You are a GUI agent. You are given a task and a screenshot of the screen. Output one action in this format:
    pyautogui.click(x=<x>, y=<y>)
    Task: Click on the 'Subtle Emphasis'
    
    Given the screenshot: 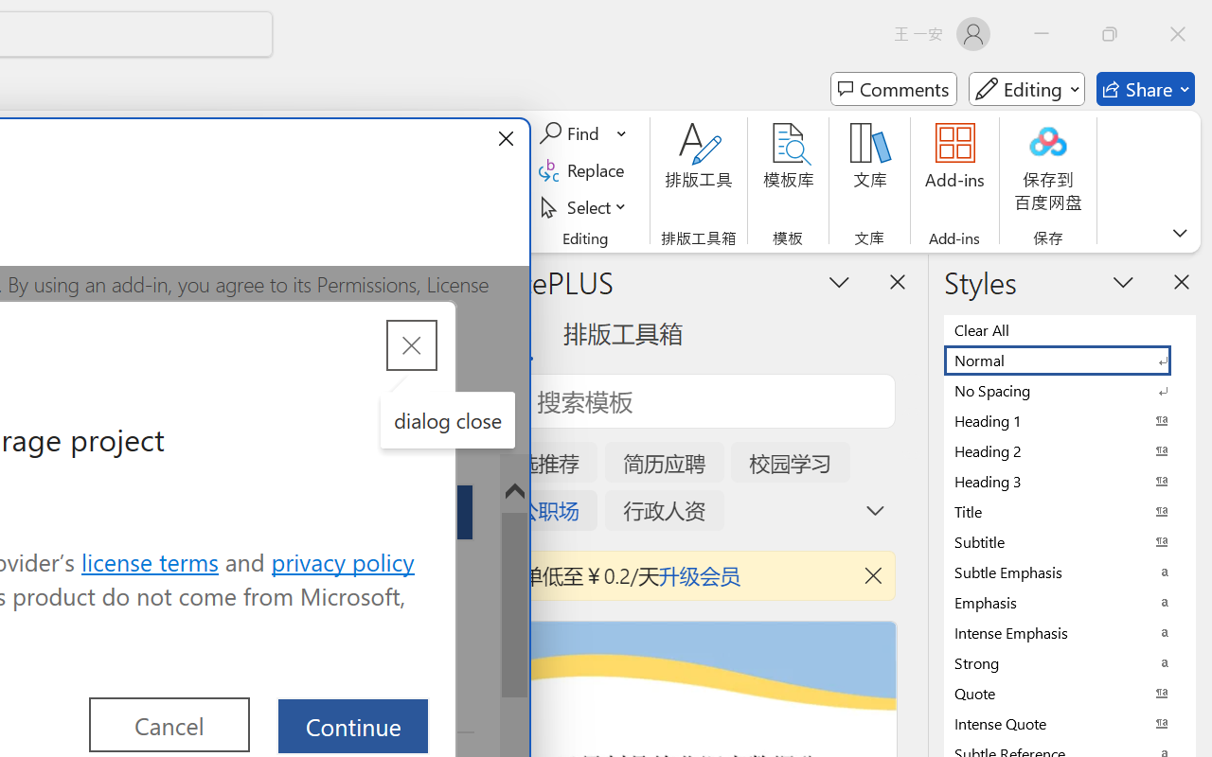 What is the action you would take?
    pyautogui.click(x=1070, y=572)
    